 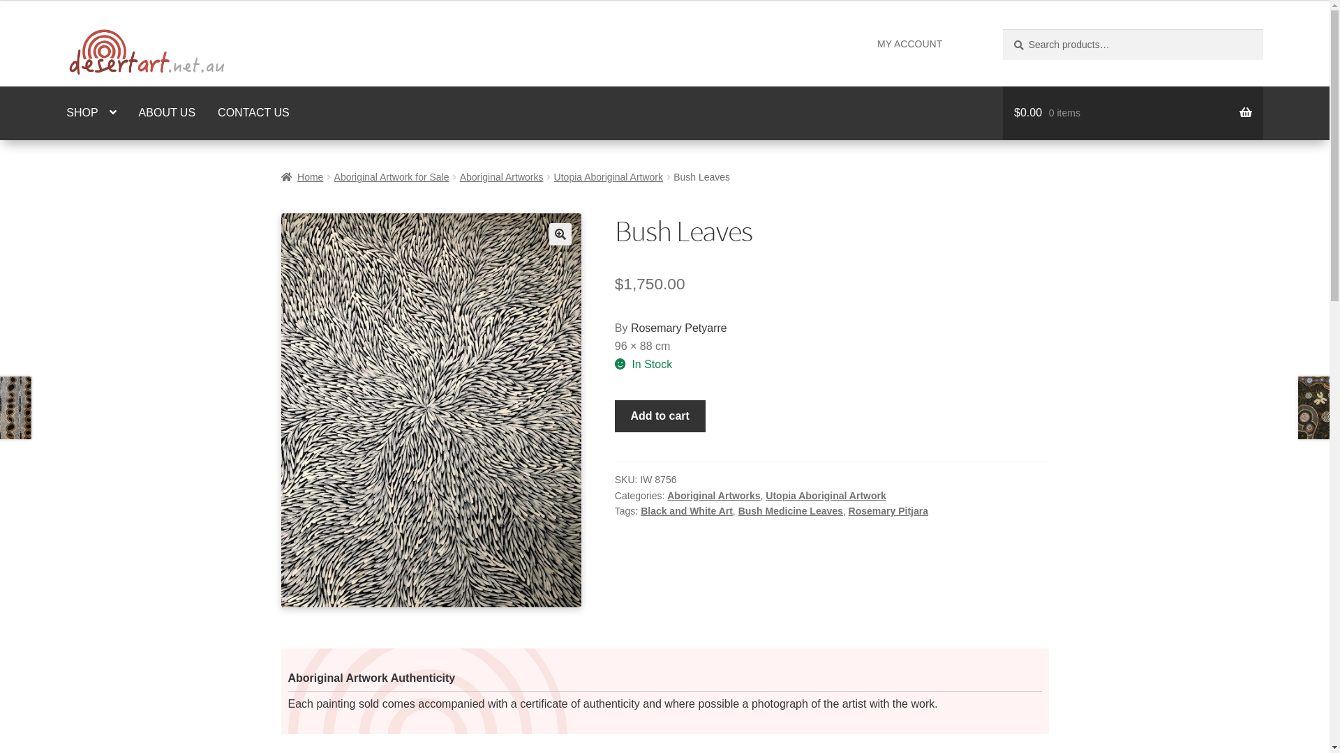 What do you see at coordinates (868, 43) in the screenshot?
I see `'MY ACCOUNT'` at bounding box center [868, 43].